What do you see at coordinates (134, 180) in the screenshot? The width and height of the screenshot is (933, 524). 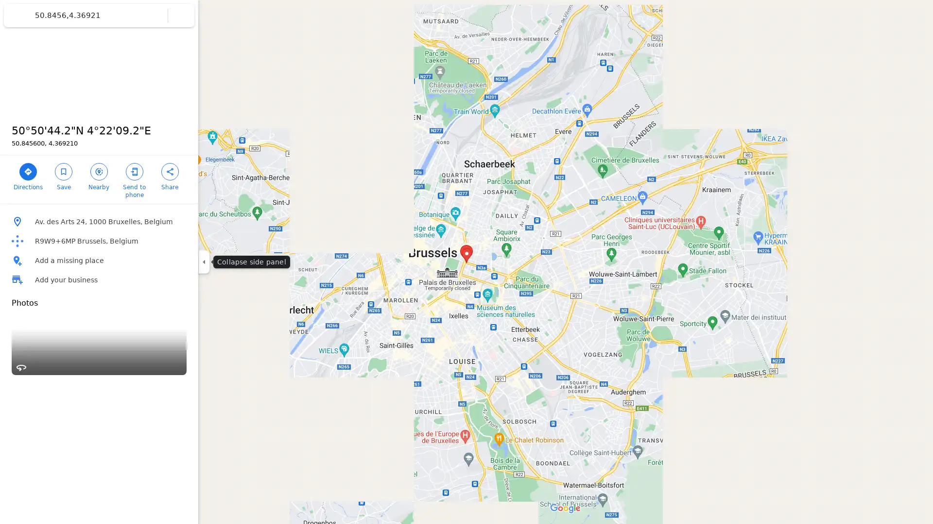 I see `Send 5050'44.2"N 422'09.2"E to your phone` at bounding box center [134, 180].